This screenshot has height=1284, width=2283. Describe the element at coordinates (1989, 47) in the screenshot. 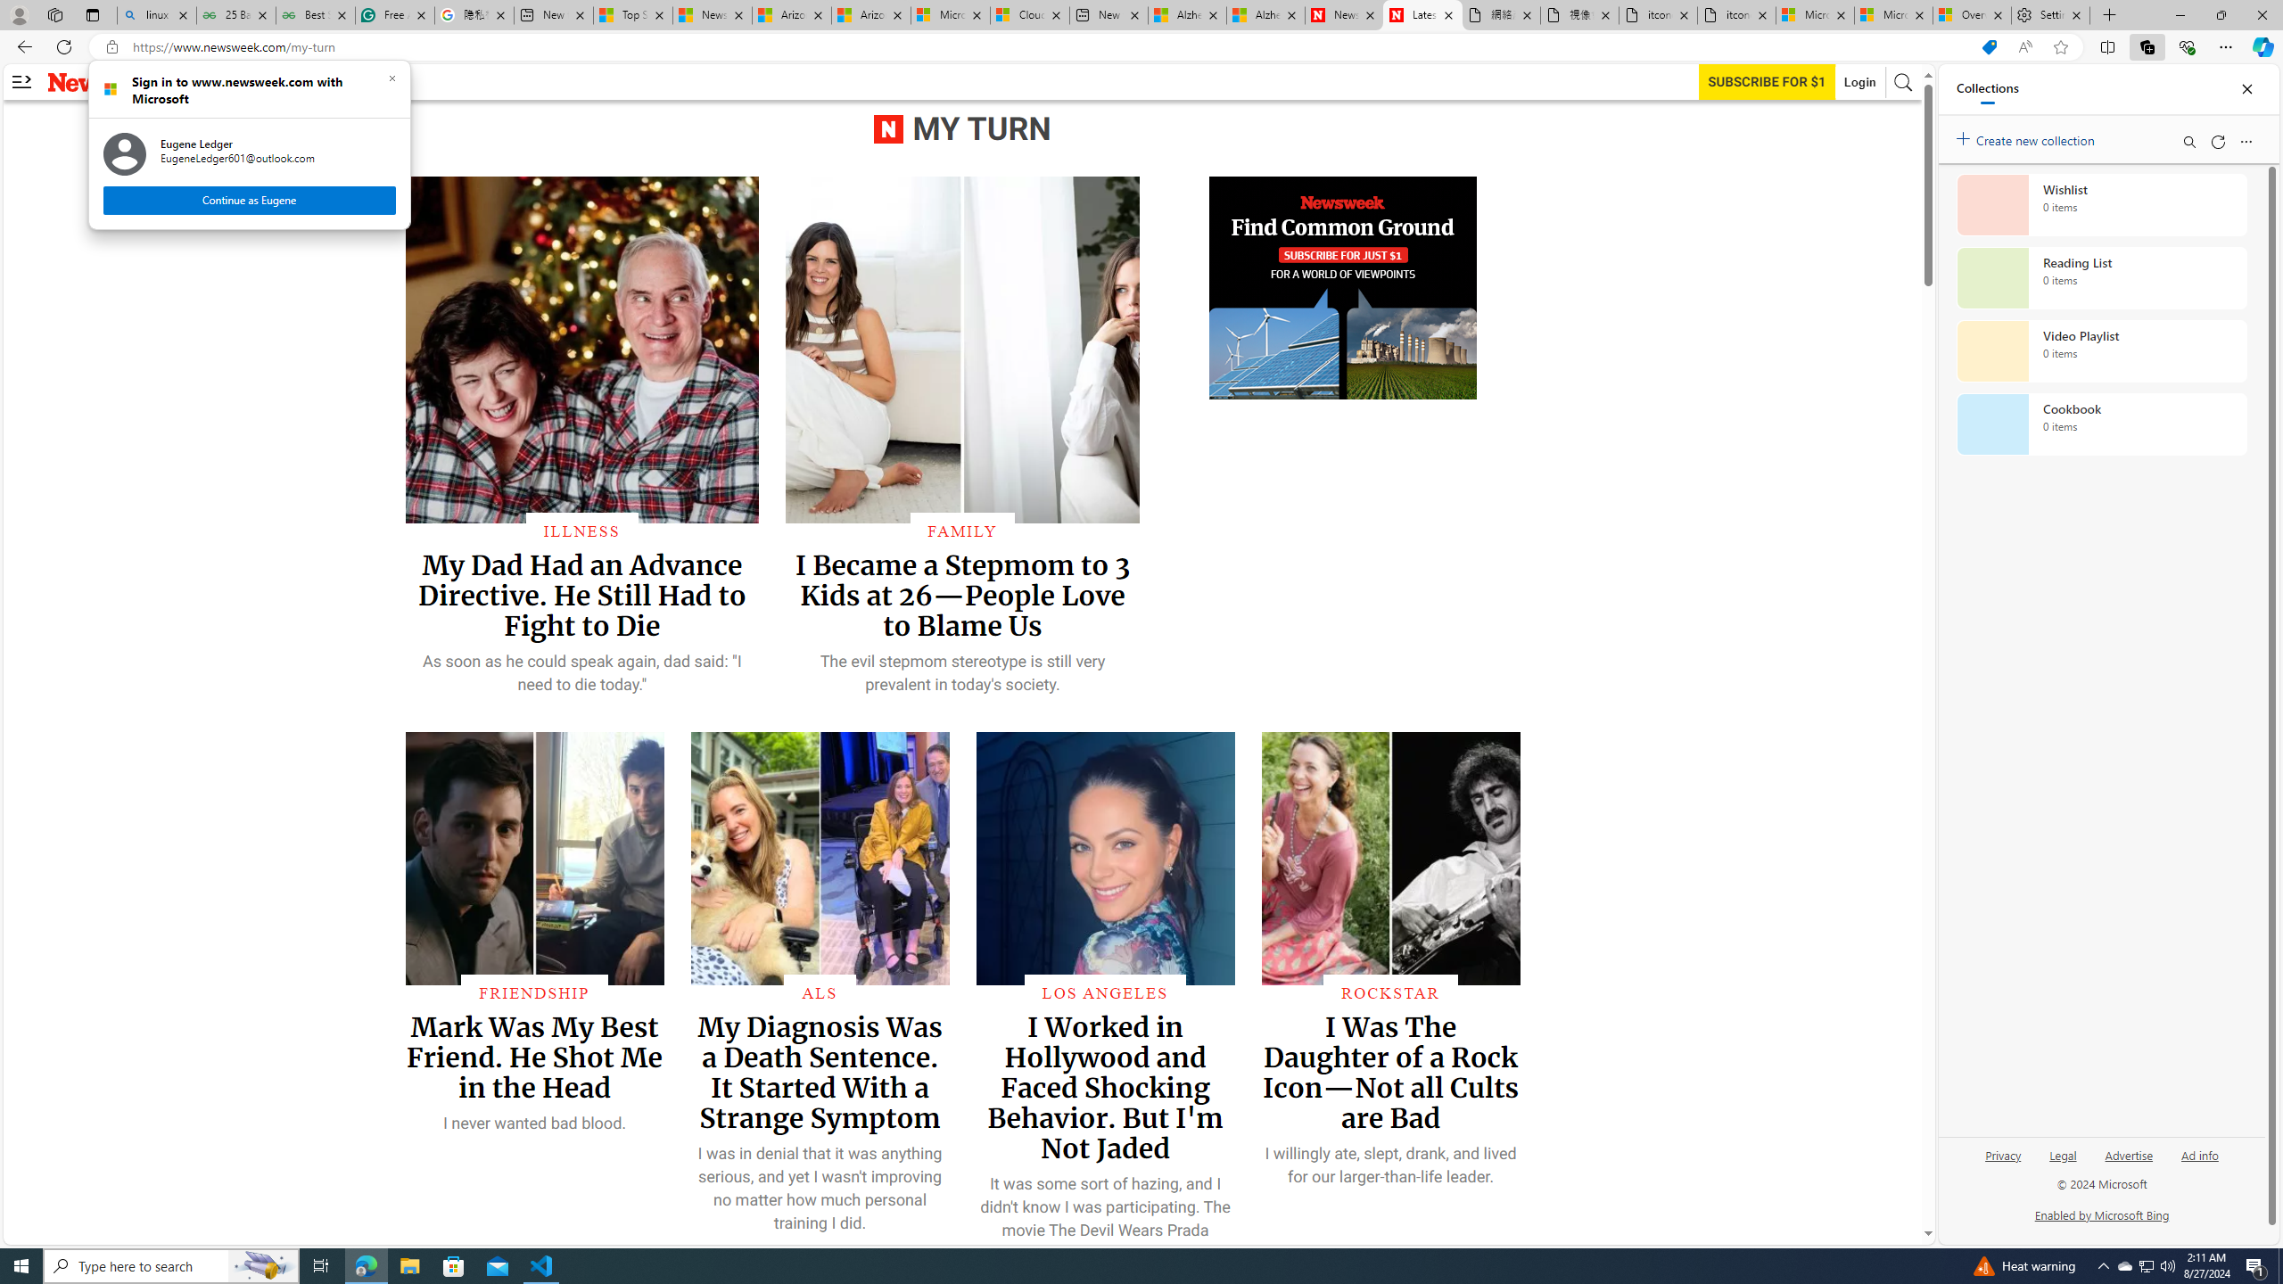

I see `'Shopping in Microsoft Edge'` at that location.